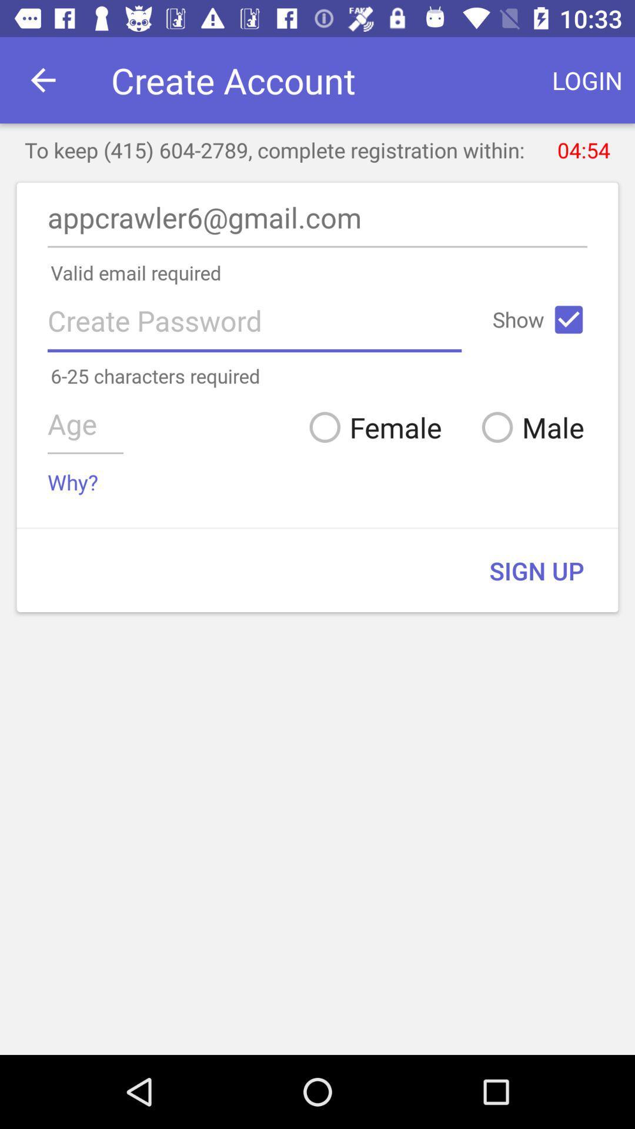 This screenshot has width=635, height=1129. What do you see at coordinates (527, 426) in the screenshot?
I see `the icon below the 6 25 characters icon` at bounding box center [527, 426].